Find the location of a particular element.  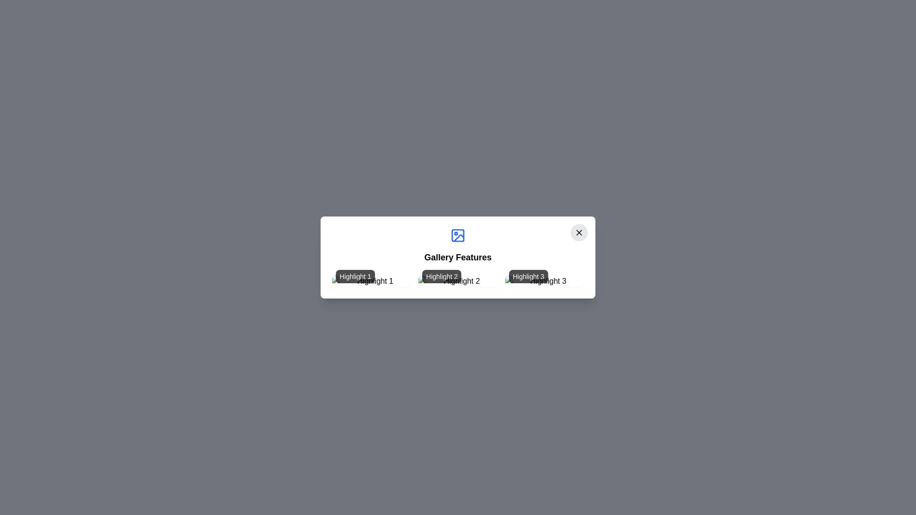

the image labeled Highlight 2 to view its details is located at coordinates (458, 281).